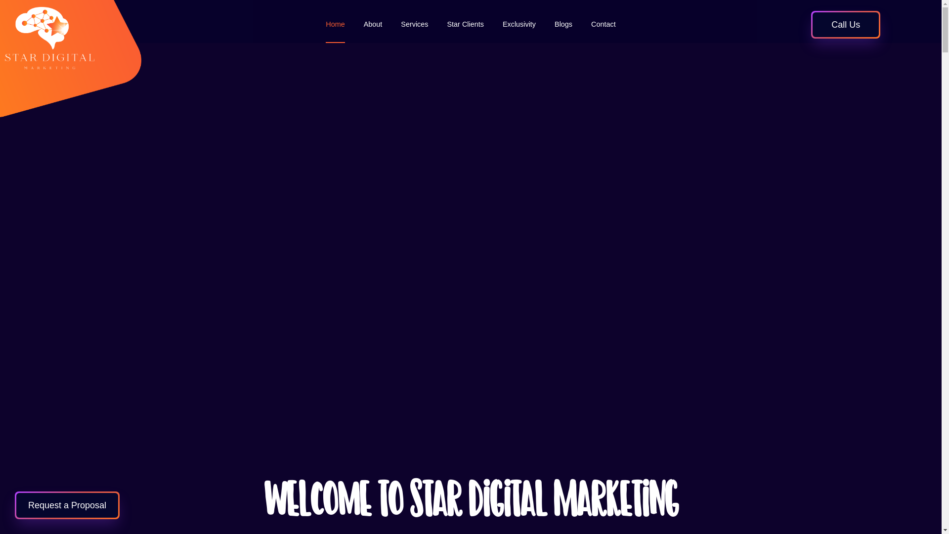  What do you see at coordinates (335, 24) in the screenshot?
I see `'Home'` at bounding box center [335, 24].